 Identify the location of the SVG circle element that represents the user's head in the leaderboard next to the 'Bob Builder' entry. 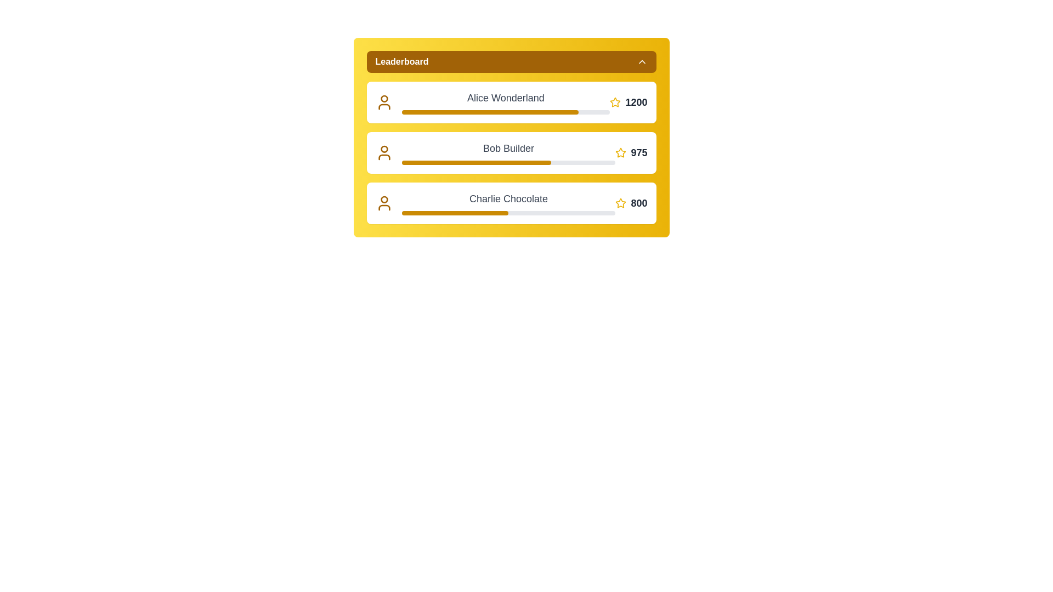
(384, 149).